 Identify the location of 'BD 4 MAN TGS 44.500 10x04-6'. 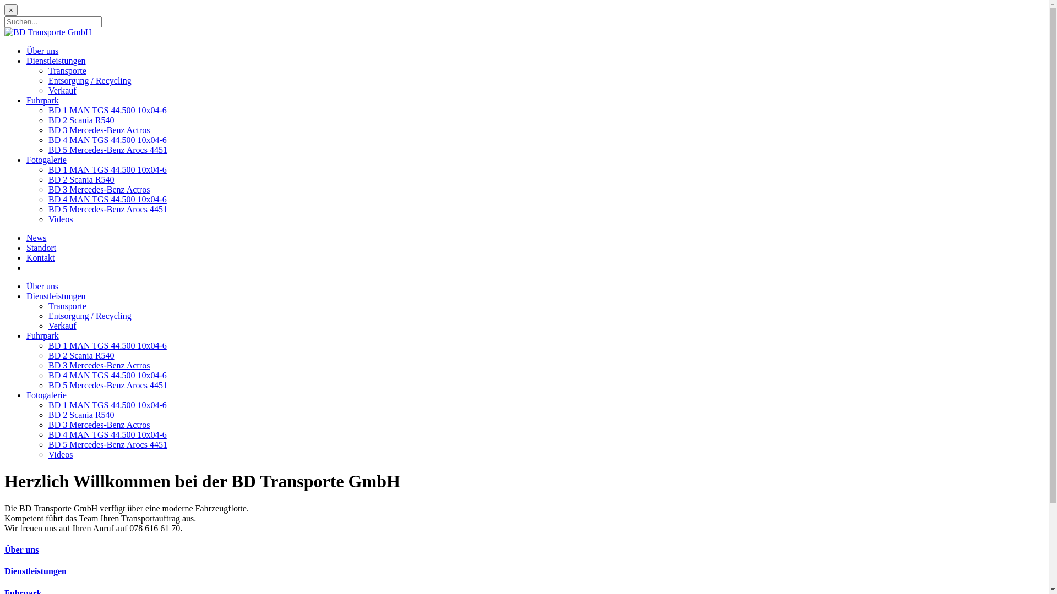
(107, 375).